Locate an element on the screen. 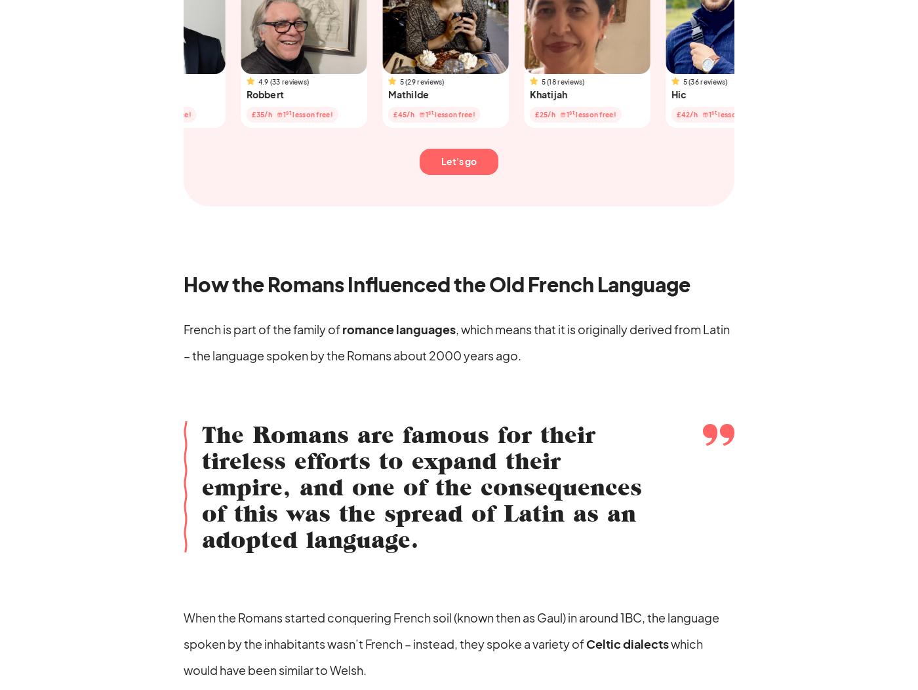 The image size is (918, 690). 'Khatijah' is located at coordinates (475, 93).